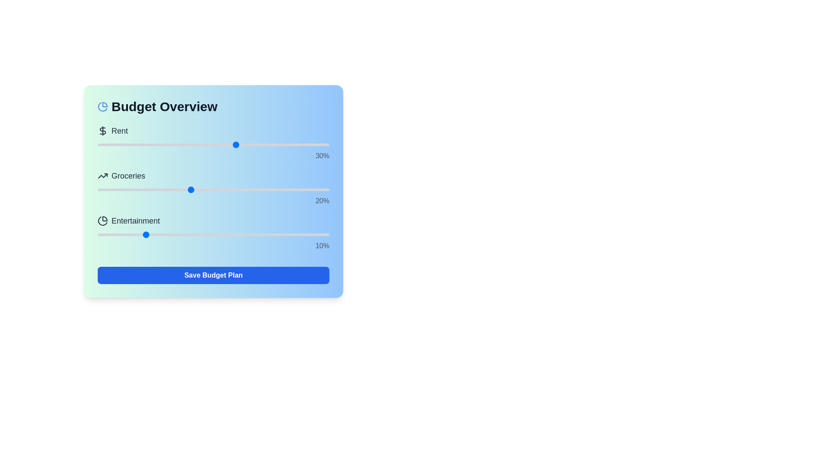  I want to click on the icon located to the left of the 'Budget Overview' title in the header section of the card, so click(103, 106).